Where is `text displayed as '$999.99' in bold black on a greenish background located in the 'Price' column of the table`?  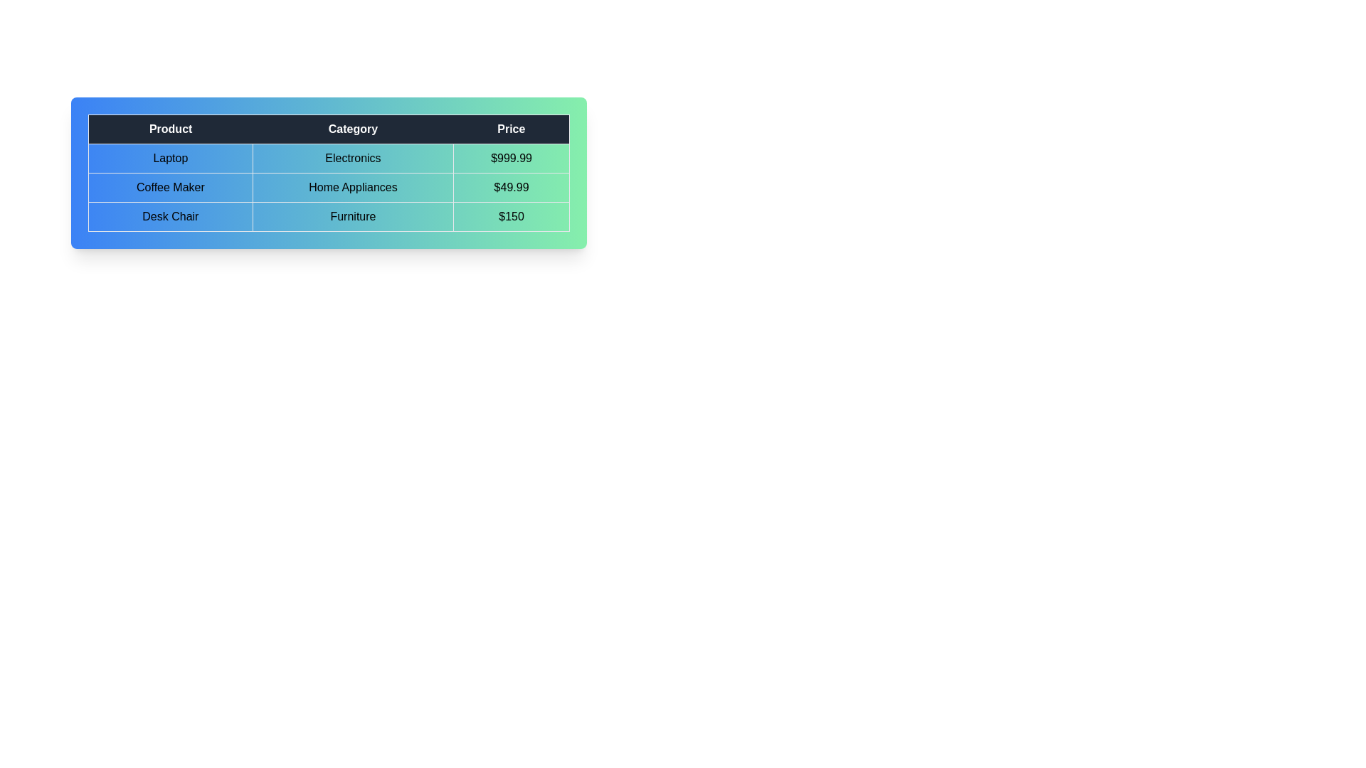
text displayed as '$999.99' in bold black on a greenish background located in the 'Price' column of the table is located at coordinates (512, 159).